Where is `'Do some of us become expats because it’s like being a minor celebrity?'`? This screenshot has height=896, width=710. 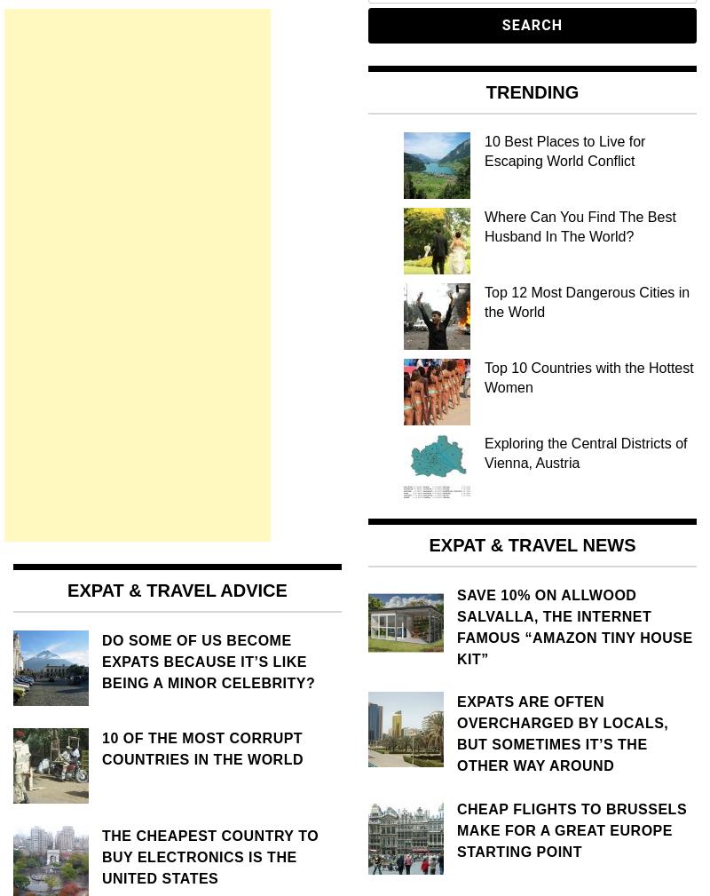 'Do some of us become expats because it’s like being a minor celebrity?' is located at coordinates (100, 662).